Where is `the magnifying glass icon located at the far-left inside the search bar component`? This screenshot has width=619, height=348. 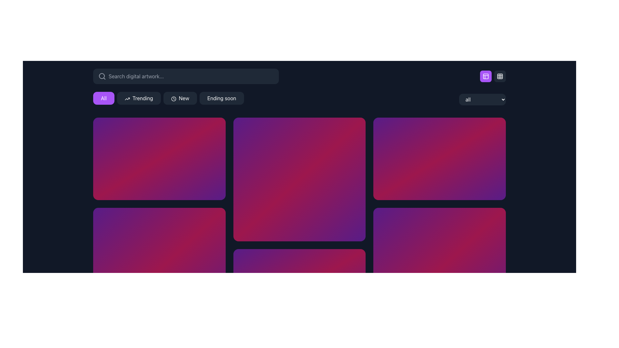 the magnifying glass icon located at the far-left inside the search bar component is located at coordinates (102, 76).